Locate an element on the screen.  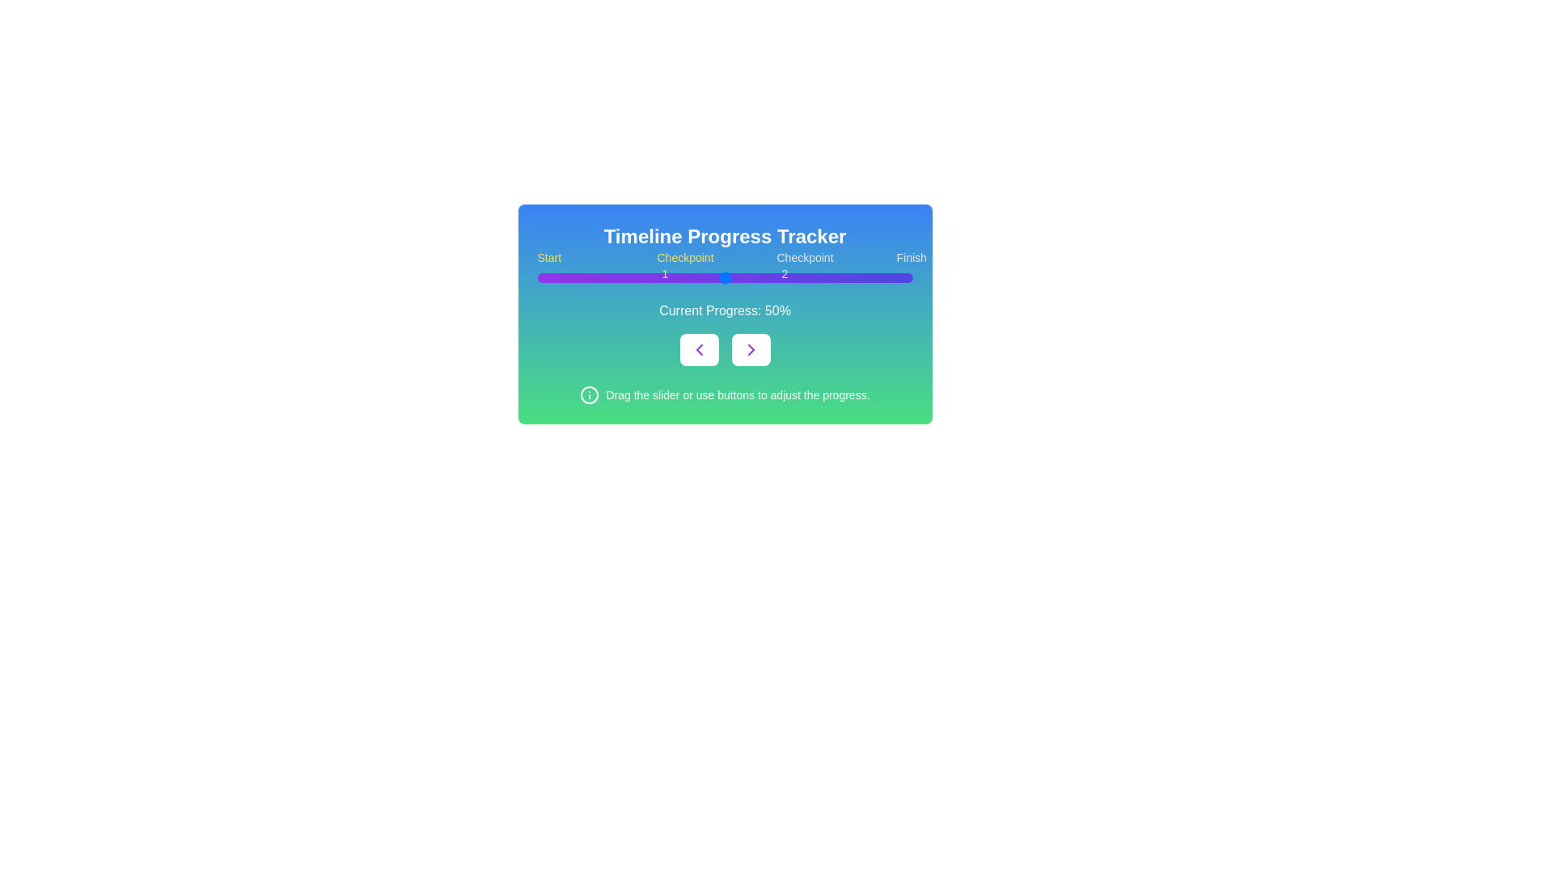
the progress is located at coordinates (758, 276).